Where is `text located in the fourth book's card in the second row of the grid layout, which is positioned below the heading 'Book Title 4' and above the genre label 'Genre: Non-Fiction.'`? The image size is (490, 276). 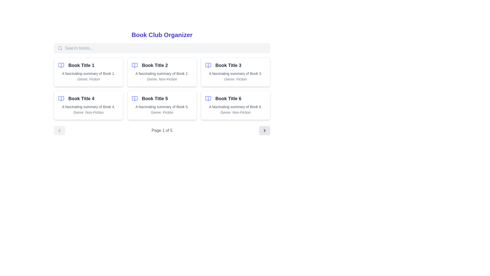
text located in the fourth book's card in the second row of the grid layout, which is positioned below the heading 'Book Title 4' and above the genre label 'Genre: Non-Fiction.' is located at coordinates (88, 106).